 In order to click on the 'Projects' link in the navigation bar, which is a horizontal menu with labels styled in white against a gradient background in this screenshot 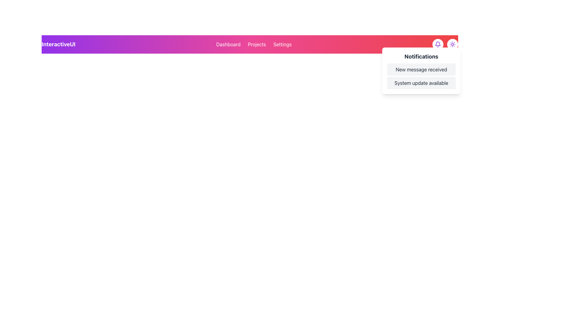, I will do `click(254, 44)`.